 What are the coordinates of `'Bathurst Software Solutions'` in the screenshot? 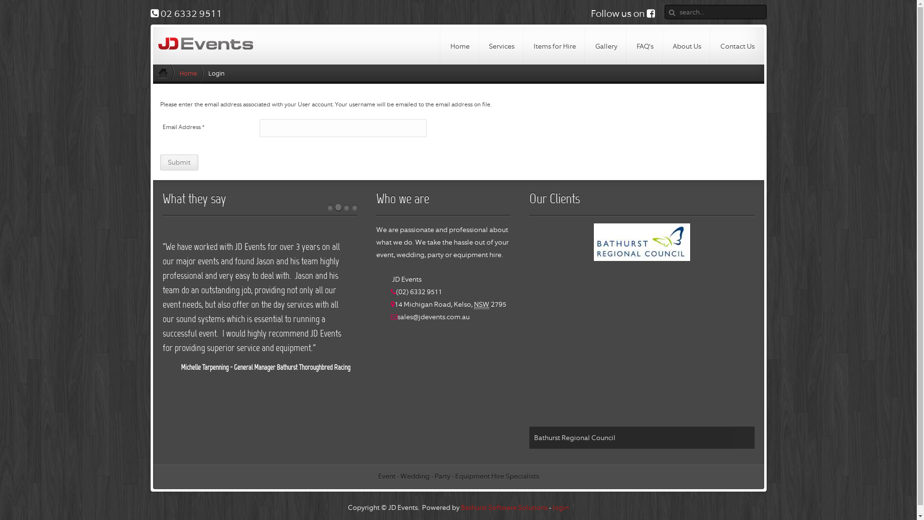 It's located at (503, 507).